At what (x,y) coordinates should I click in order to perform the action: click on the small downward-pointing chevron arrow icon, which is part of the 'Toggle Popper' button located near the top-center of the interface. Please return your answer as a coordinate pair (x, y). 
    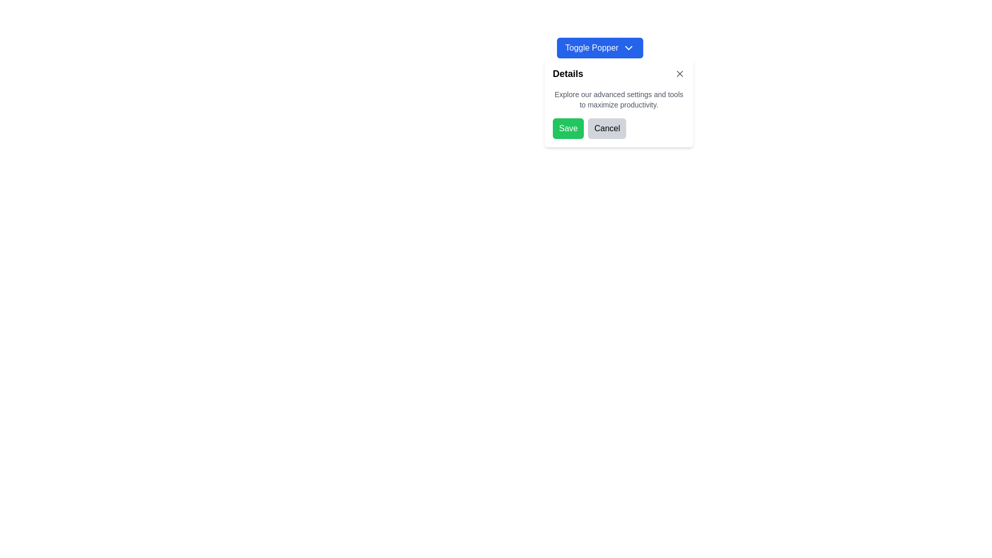
    Looking at the image, I should click on (628, 48).